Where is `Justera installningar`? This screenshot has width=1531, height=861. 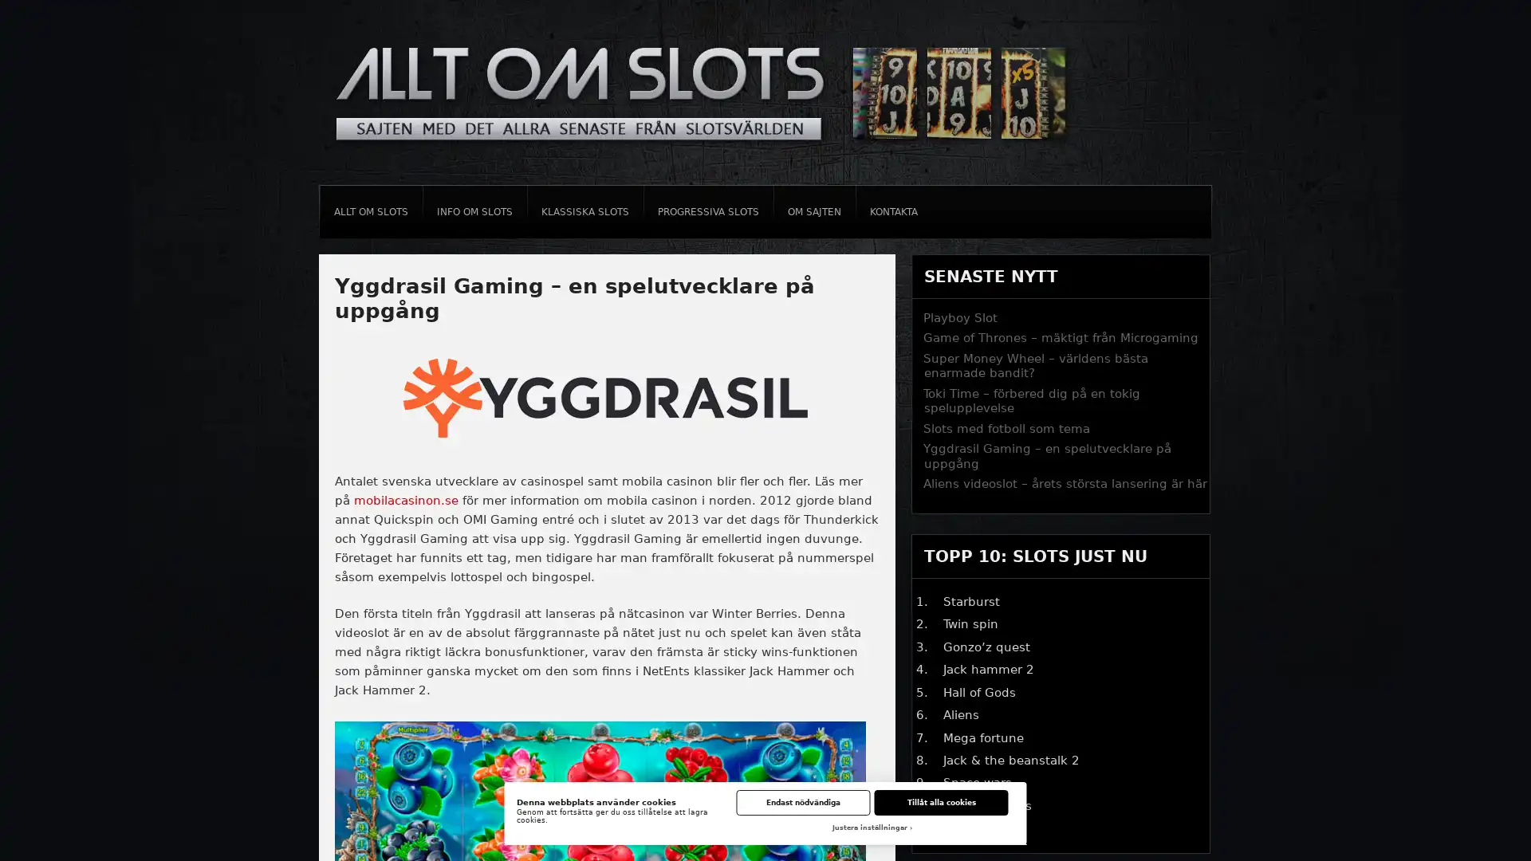
Justera installningar is located at coordinates (871, 827).